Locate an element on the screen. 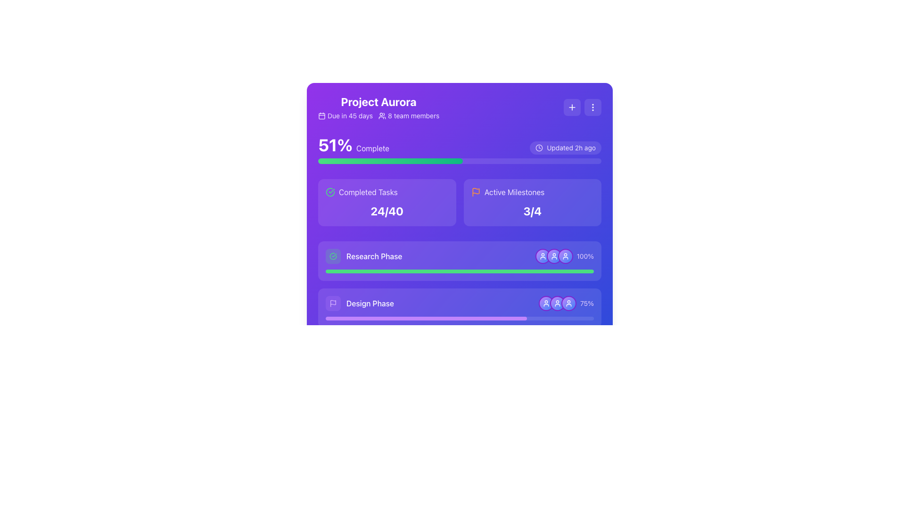  the static text label displaying the due date for the project, located below the title 'Project Aurora' and alongside the 'team members' indicator is located at coordinates (350, 115).